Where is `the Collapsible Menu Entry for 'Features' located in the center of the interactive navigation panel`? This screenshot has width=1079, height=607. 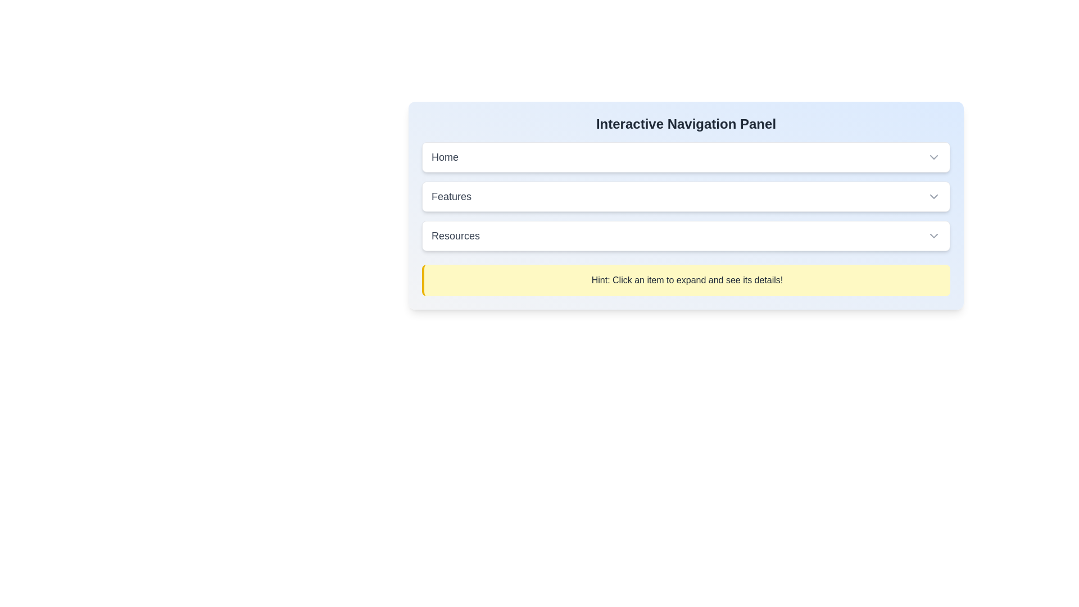
the Collapsible Menu Entry for 'Features' located in the center of the interactive navigation panel is located at coordinates (685, 196).